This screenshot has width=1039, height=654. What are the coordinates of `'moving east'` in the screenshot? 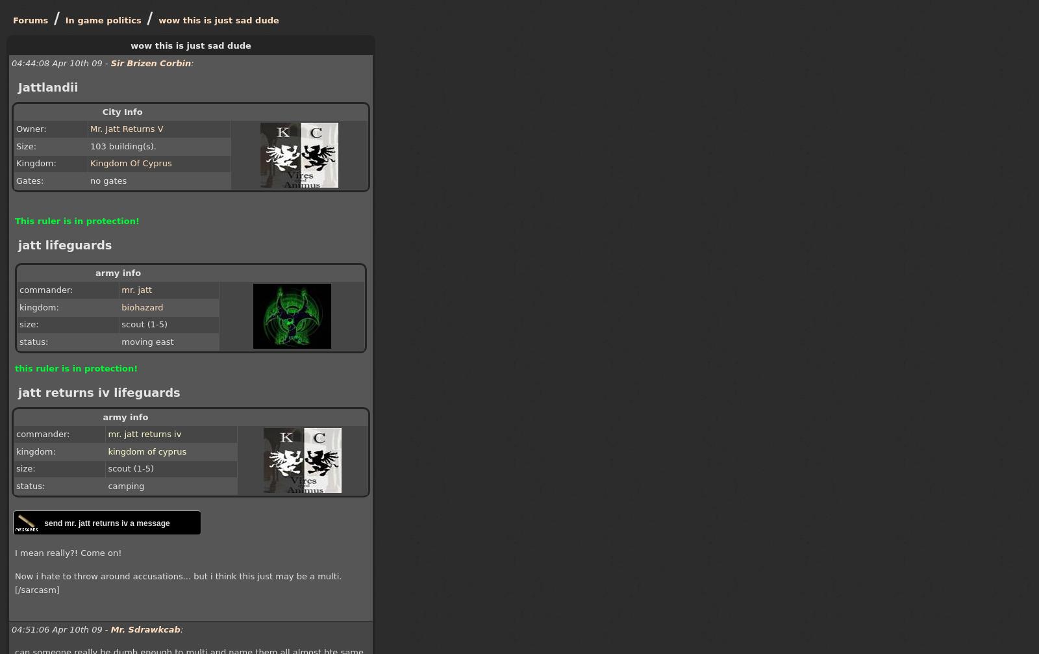 It's located at (147, 341).